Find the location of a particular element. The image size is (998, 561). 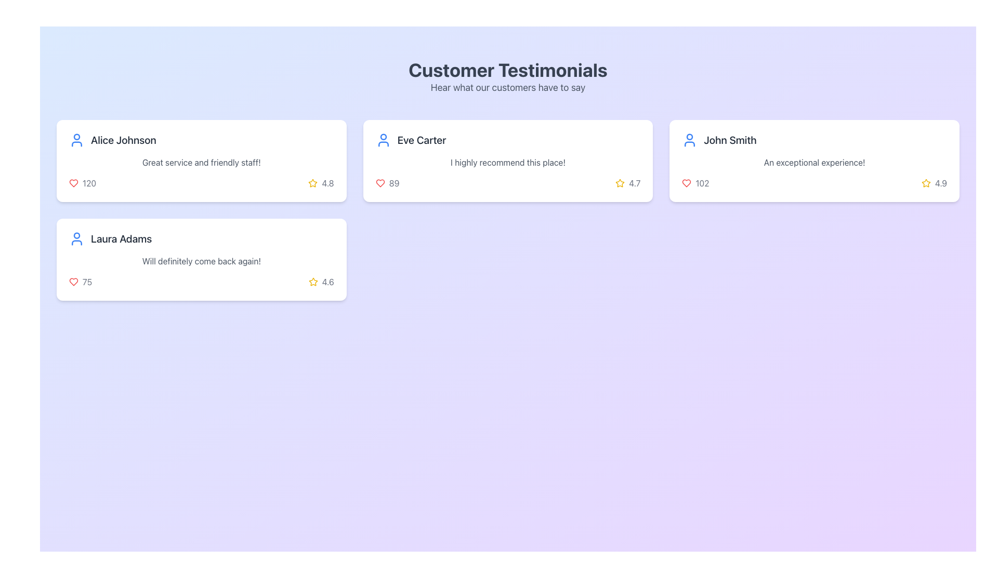

the star icon indicating the rating of the testimonial for 'Eve Carter' located in the 'Customer Testimonials' section is located at coordinates (620, 183).